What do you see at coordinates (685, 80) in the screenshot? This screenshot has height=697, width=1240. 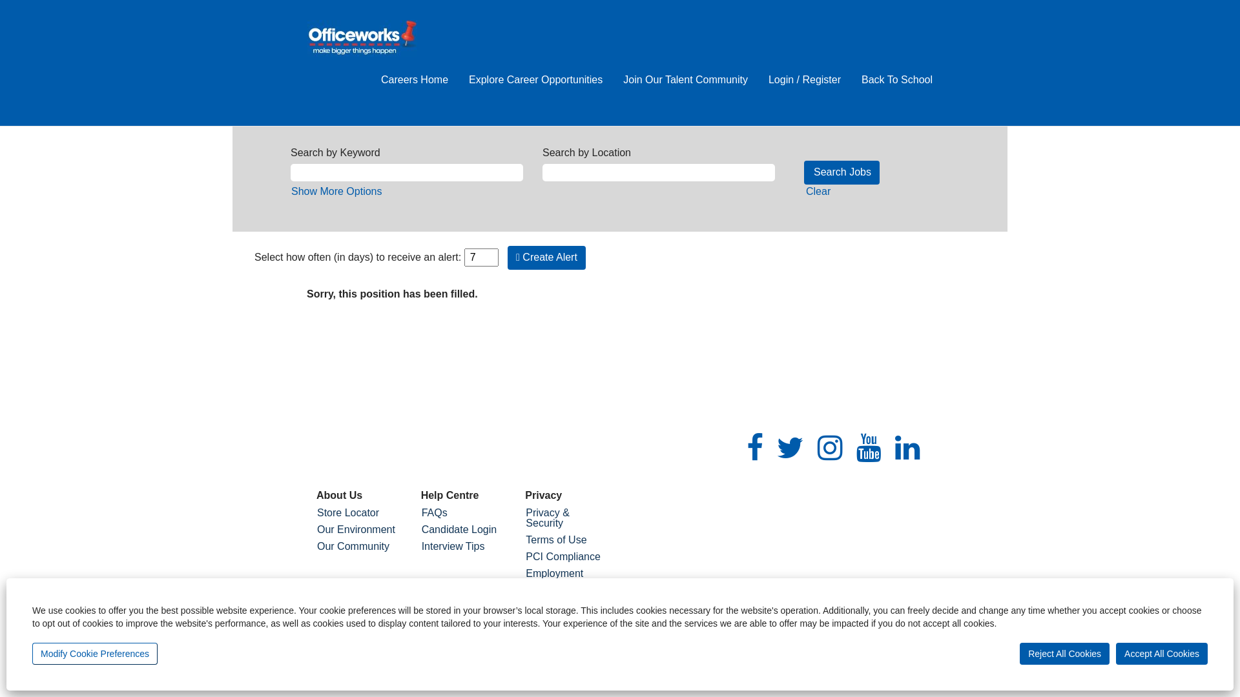 I see `'Join Our Talent Community'` at bounding box center [685, 80].